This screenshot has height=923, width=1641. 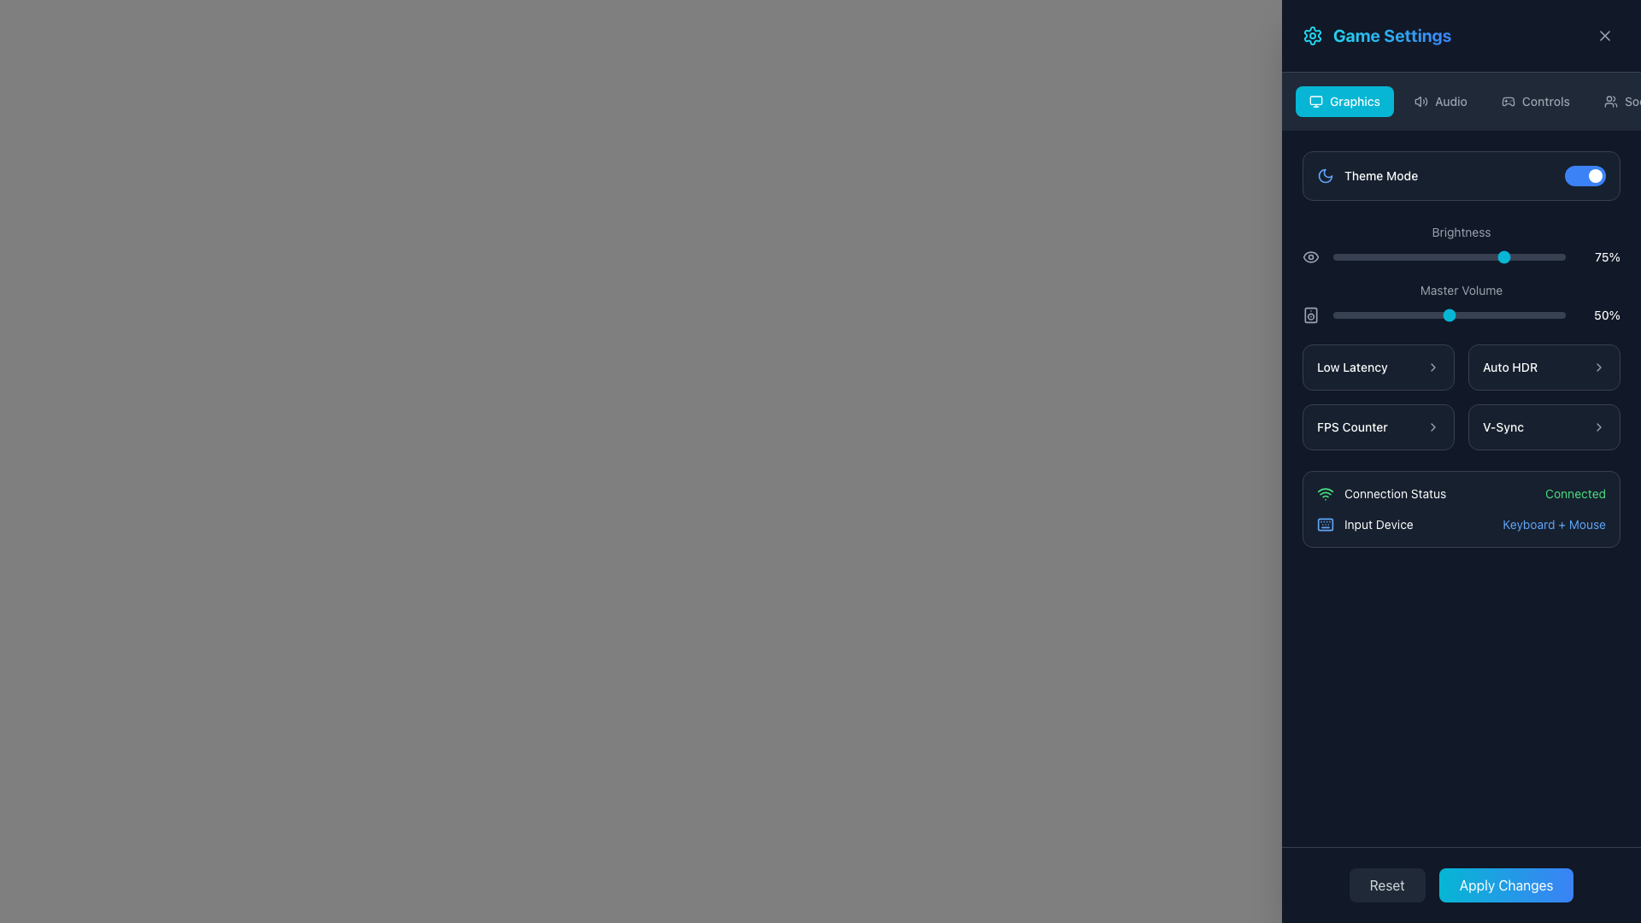 I want to click on the Decorative Icon associated with the 'Theme Mode' setting, located to the left of the 'Theme Mode' text and toggle switch, near the top-left area of the settings panel, so click(x=1324, y=175).